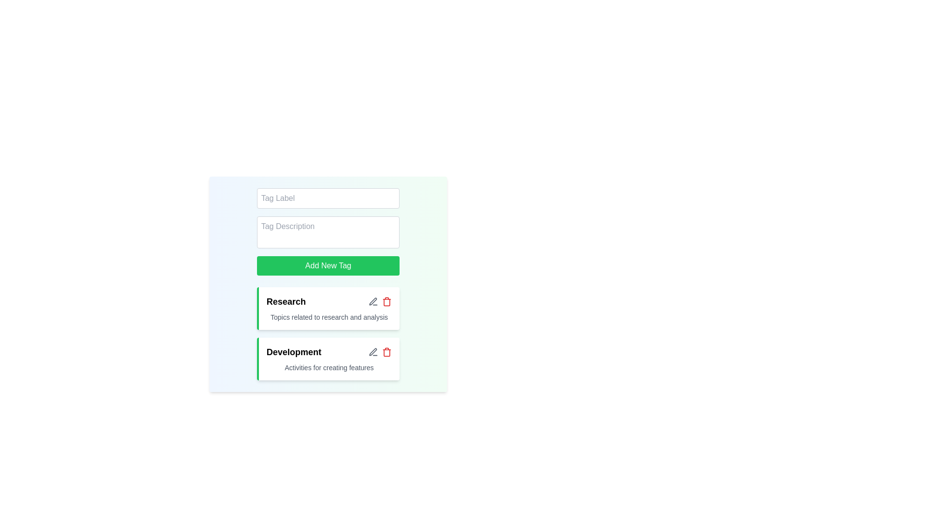  I want to click on the Grouped list containing 'Research' and 'Development' sections, so click(328, 333).